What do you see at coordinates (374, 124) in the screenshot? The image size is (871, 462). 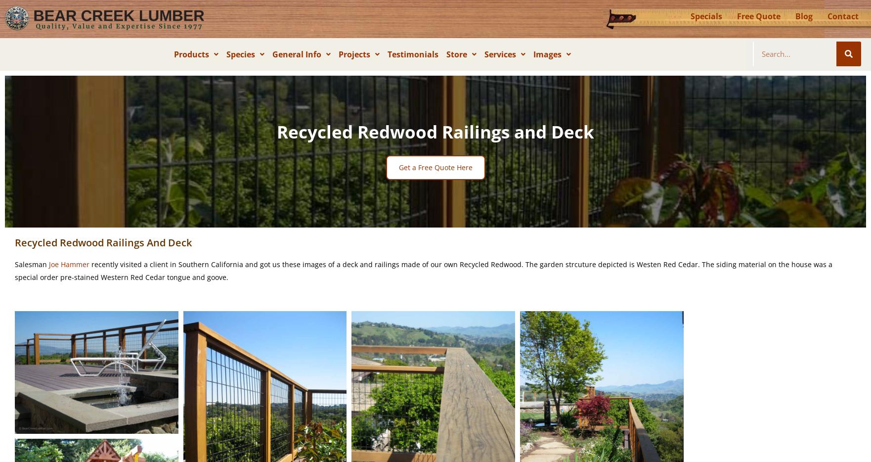 I see `'Contractors'` at bounding box center [374, 124].